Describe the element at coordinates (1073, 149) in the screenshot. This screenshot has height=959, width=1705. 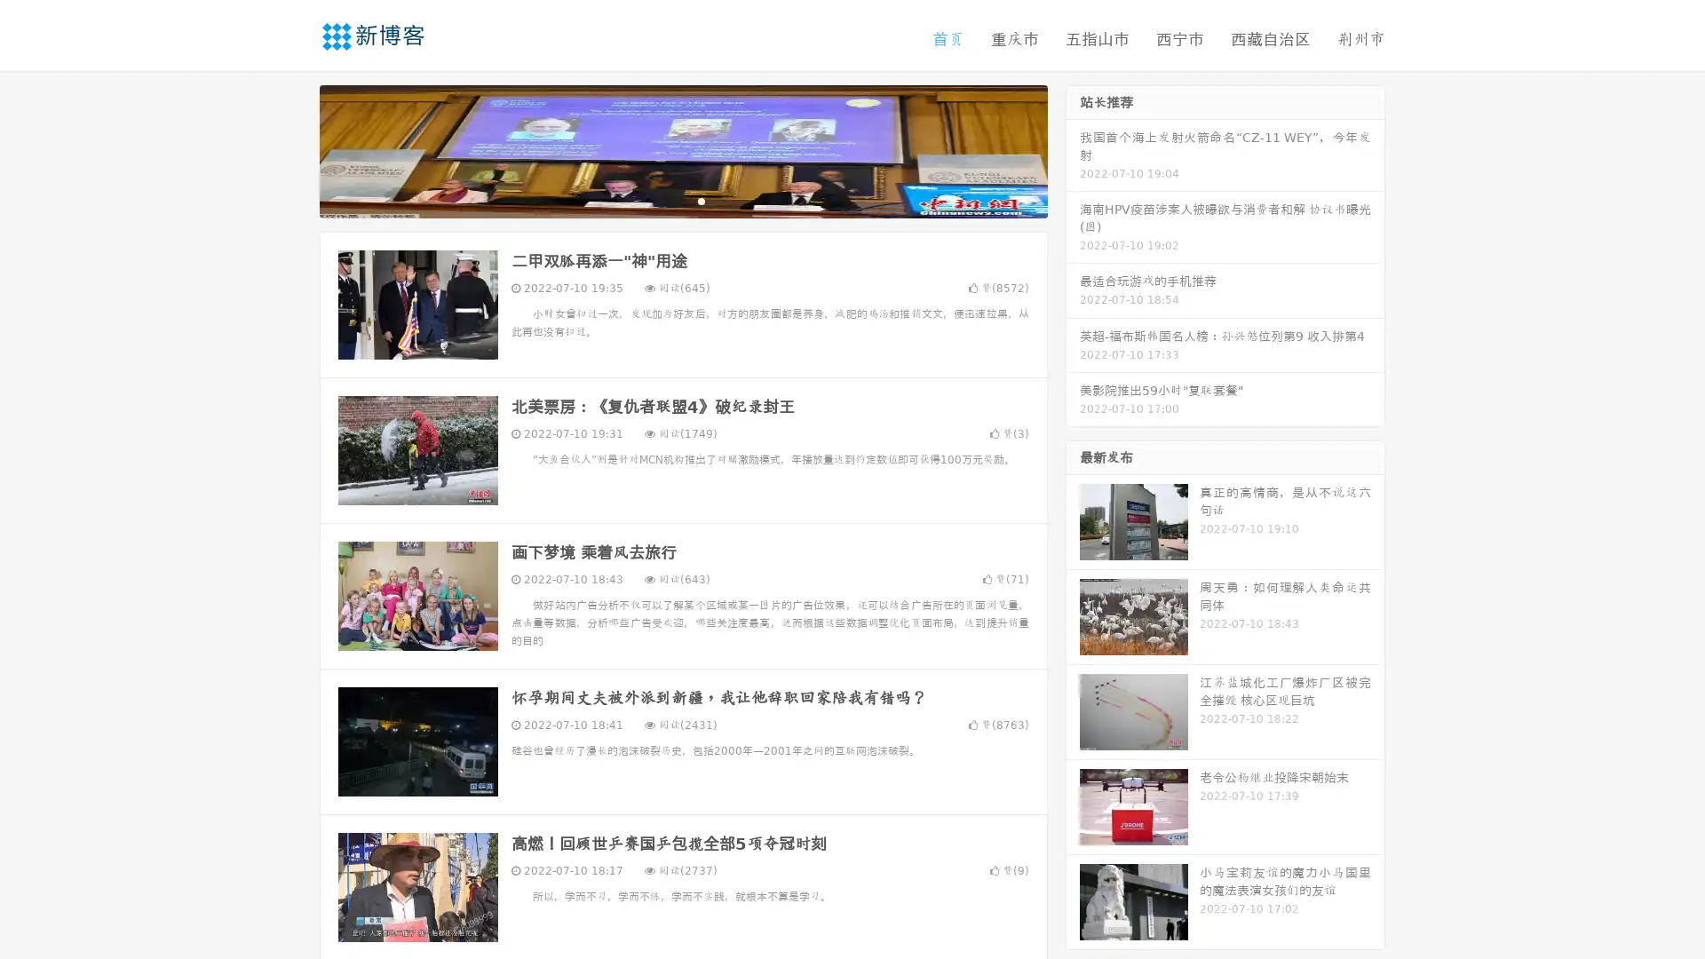
I see `Next slide` at that location.